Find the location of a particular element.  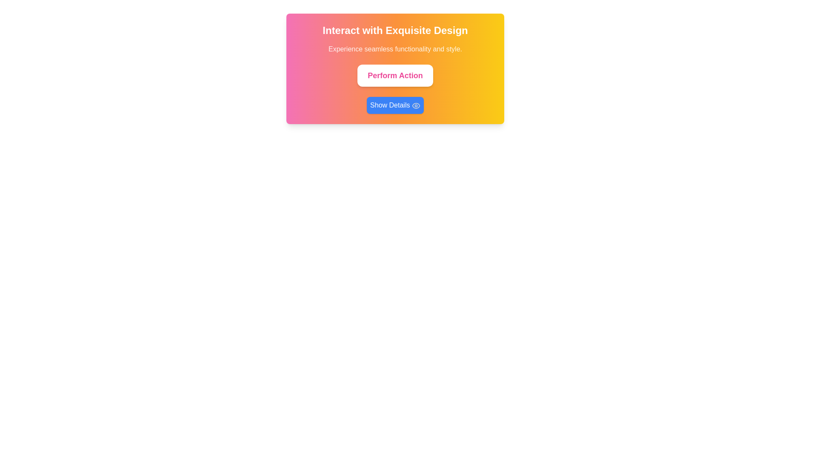

the title text element at the top center of the card, which indicates the purpose or theme of the section is located at coordinates (395, 30).